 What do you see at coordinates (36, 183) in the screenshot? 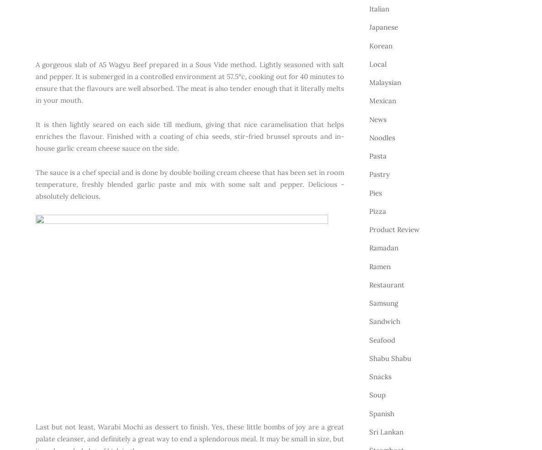
I see `'The sauce is a chef special and is done by double boiling cream cheese that has been set in room temperature, freshly blended garlic paste and mix with some salt and pepper. Delicious - absolutely delicious.'` at bounding box center [36, 183].